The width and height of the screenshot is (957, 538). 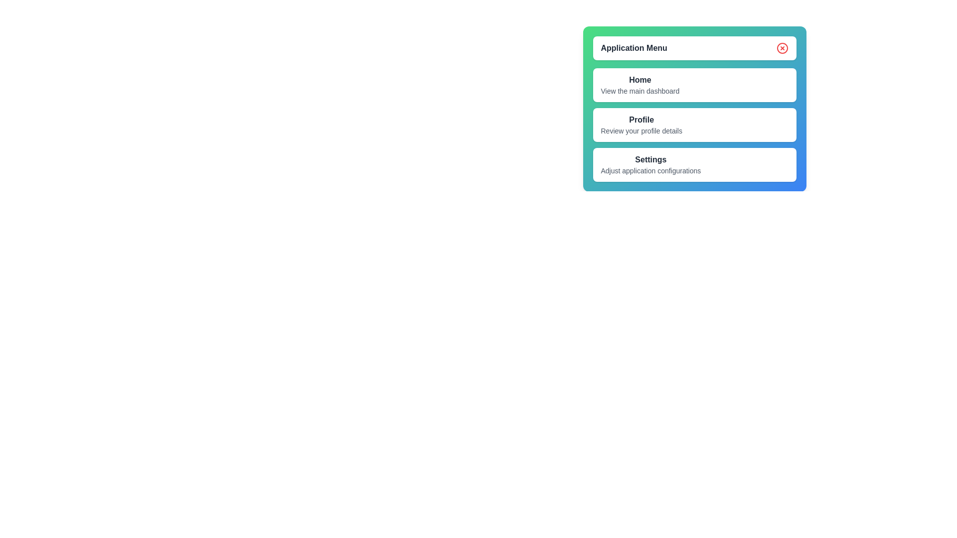 What do you see at coordinates (650, 164) in the screenshot?
I see `the menu item Settings to navigate to its section` at bounding box center [650, 164].